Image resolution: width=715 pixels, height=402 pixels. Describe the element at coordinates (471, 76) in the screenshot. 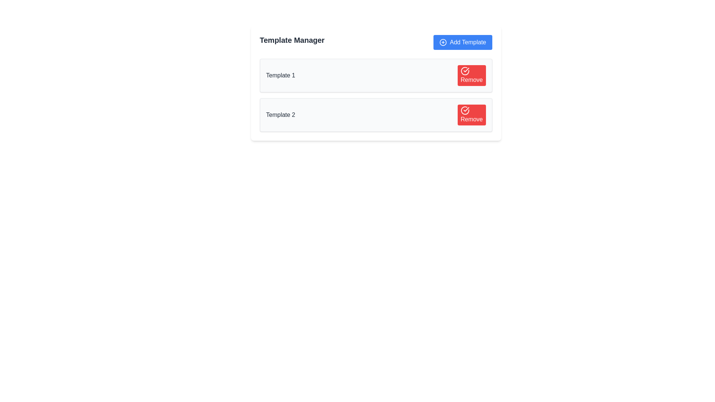

I see `the 'Remove' button located to the right of the label 'Template 1' to observe a visual change` at that location.